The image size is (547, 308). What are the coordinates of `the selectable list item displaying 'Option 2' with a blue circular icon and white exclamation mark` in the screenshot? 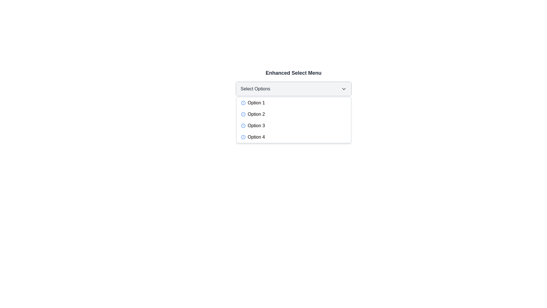 It's located at (252, 114).